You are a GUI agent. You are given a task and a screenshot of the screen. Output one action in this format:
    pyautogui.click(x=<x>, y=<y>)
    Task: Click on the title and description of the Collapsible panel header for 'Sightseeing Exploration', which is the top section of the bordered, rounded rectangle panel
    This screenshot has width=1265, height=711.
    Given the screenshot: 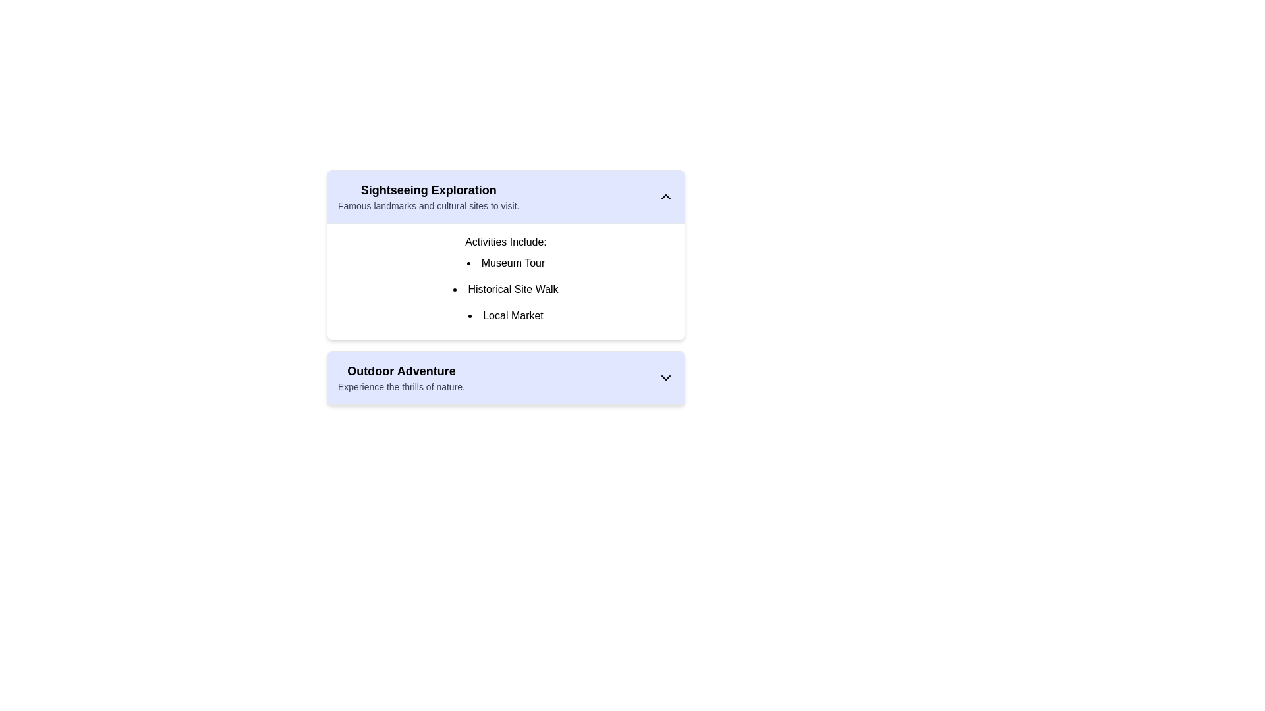 What is the action you would take?
    pyautogui.click(x=505, y=197)
    